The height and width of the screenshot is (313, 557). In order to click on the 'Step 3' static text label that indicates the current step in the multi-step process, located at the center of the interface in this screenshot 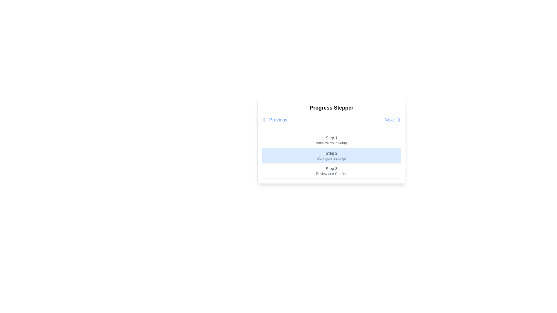, I will do `click(331, 169)`.